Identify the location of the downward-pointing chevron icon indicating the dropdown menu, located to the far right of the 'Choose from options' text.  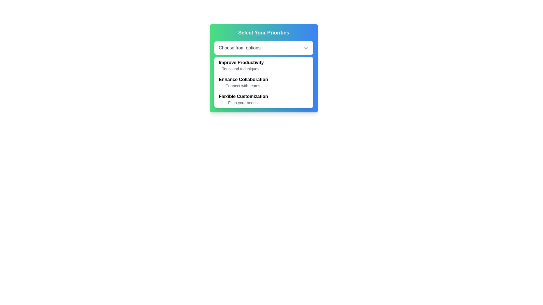
(305, 47).